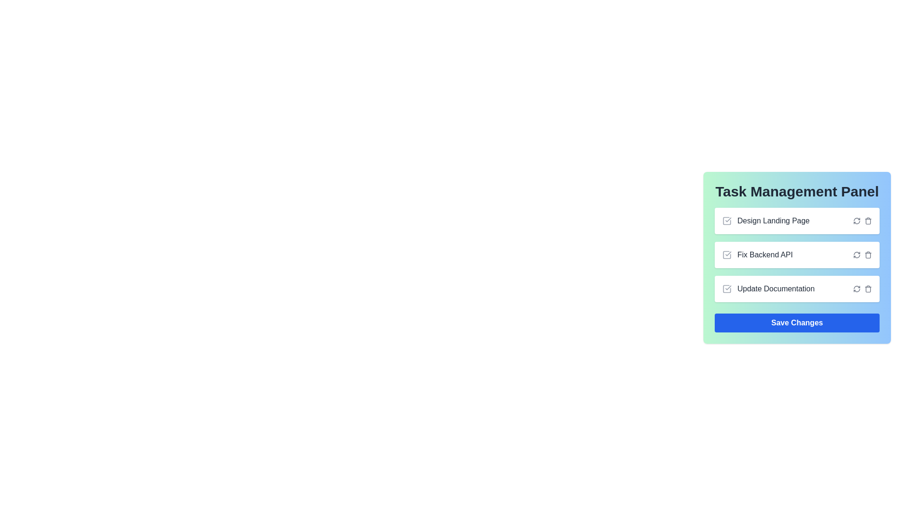 Image resolution: width=907 pixels, height=510 pixels. Describe the element at coordinates (727, 221) in the screenshot. I see `the square icon with a checkmark located to the left of the text 'Design Landing Page' in the Task Management Panel` at that location.